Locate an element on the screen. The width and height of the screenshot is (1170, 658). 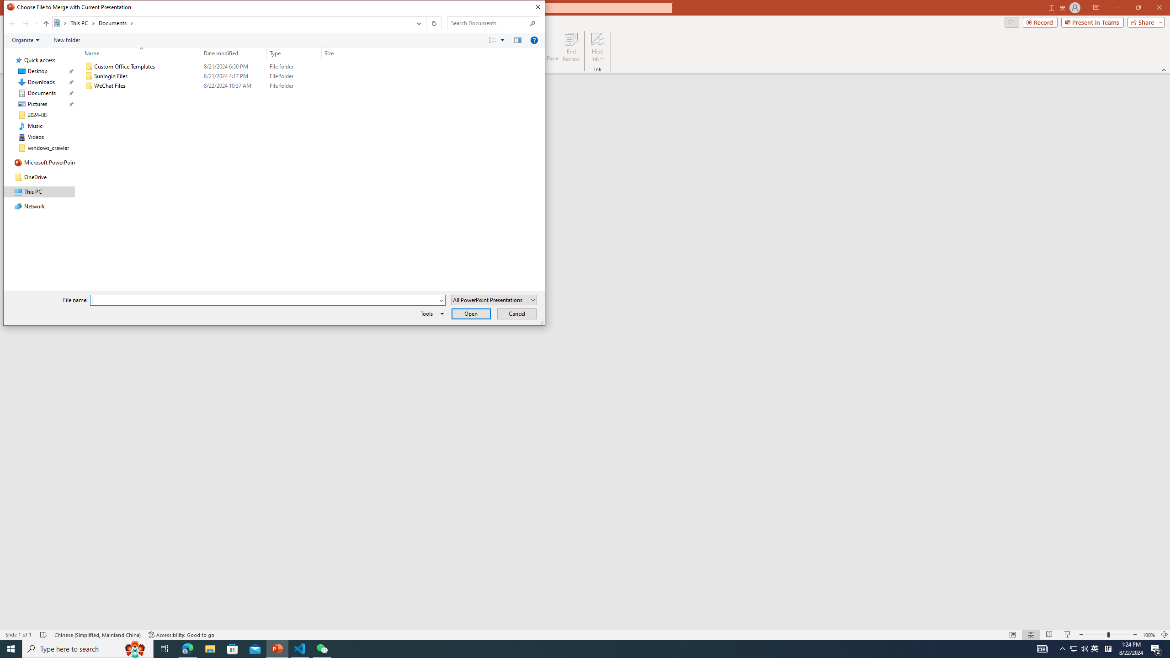
'Cancel' is located at coordinates (516, 313).